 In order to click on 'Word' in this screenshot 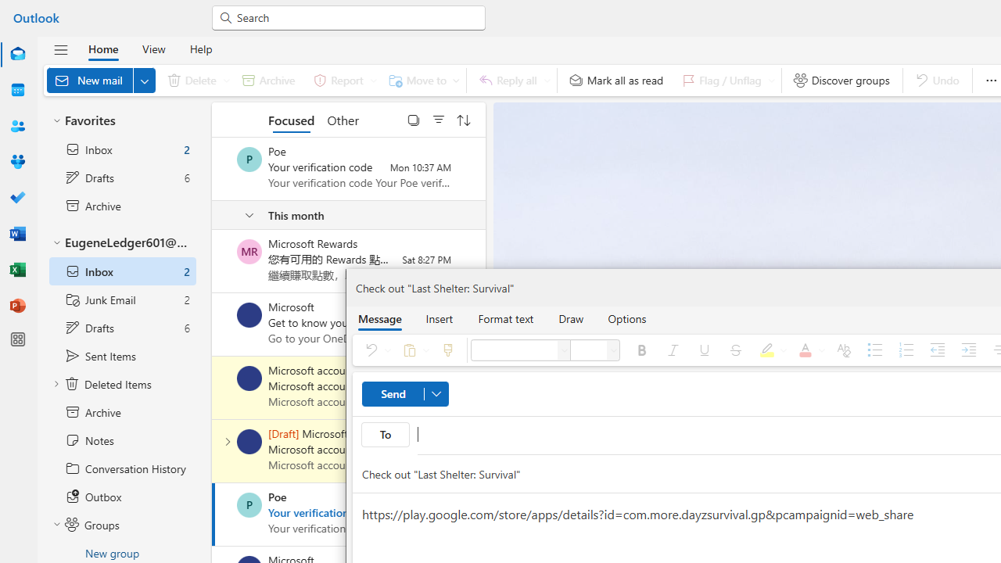, I will do `click(18, 234)`.